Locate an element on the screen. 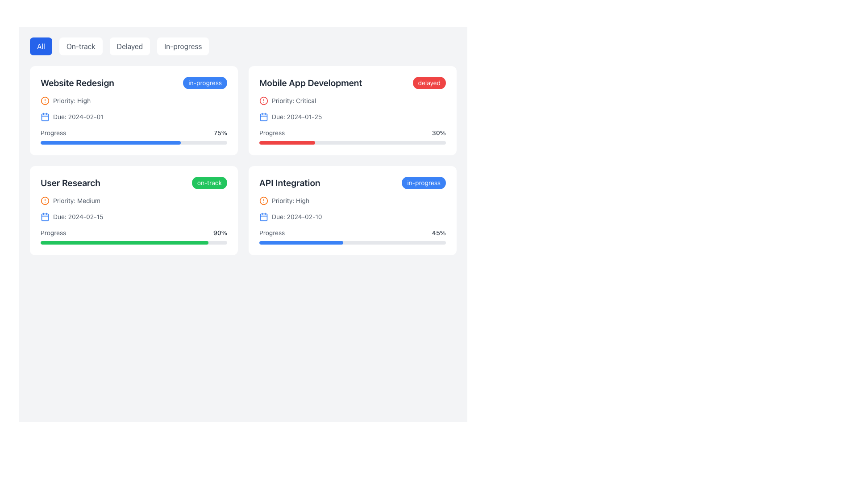  the progress bar located within the 'Website Redesign' card, which is partially filled and positioned below the 'Progress' label, to associate it with its label is located at coordinates (133, 142).